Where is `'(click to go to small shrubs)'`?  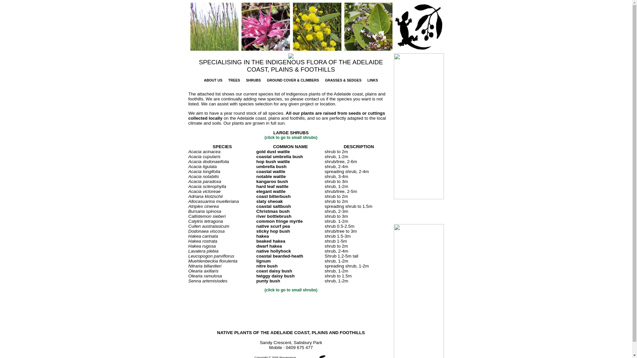
'(click to go to small shrubs)' is located at coordinates (291, 137).